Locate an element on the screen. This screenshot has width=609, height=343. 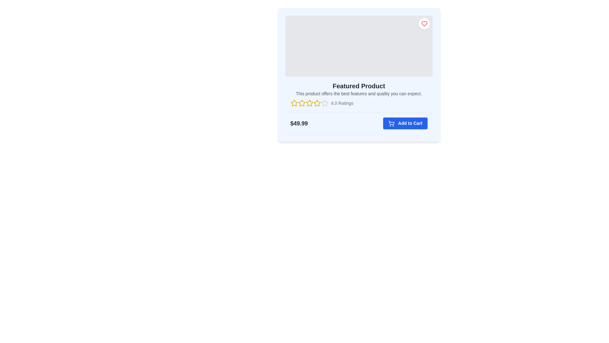
the 'like' or 'favorite' button located at the top-right corner of the product section is located at coordinates (424, 23).